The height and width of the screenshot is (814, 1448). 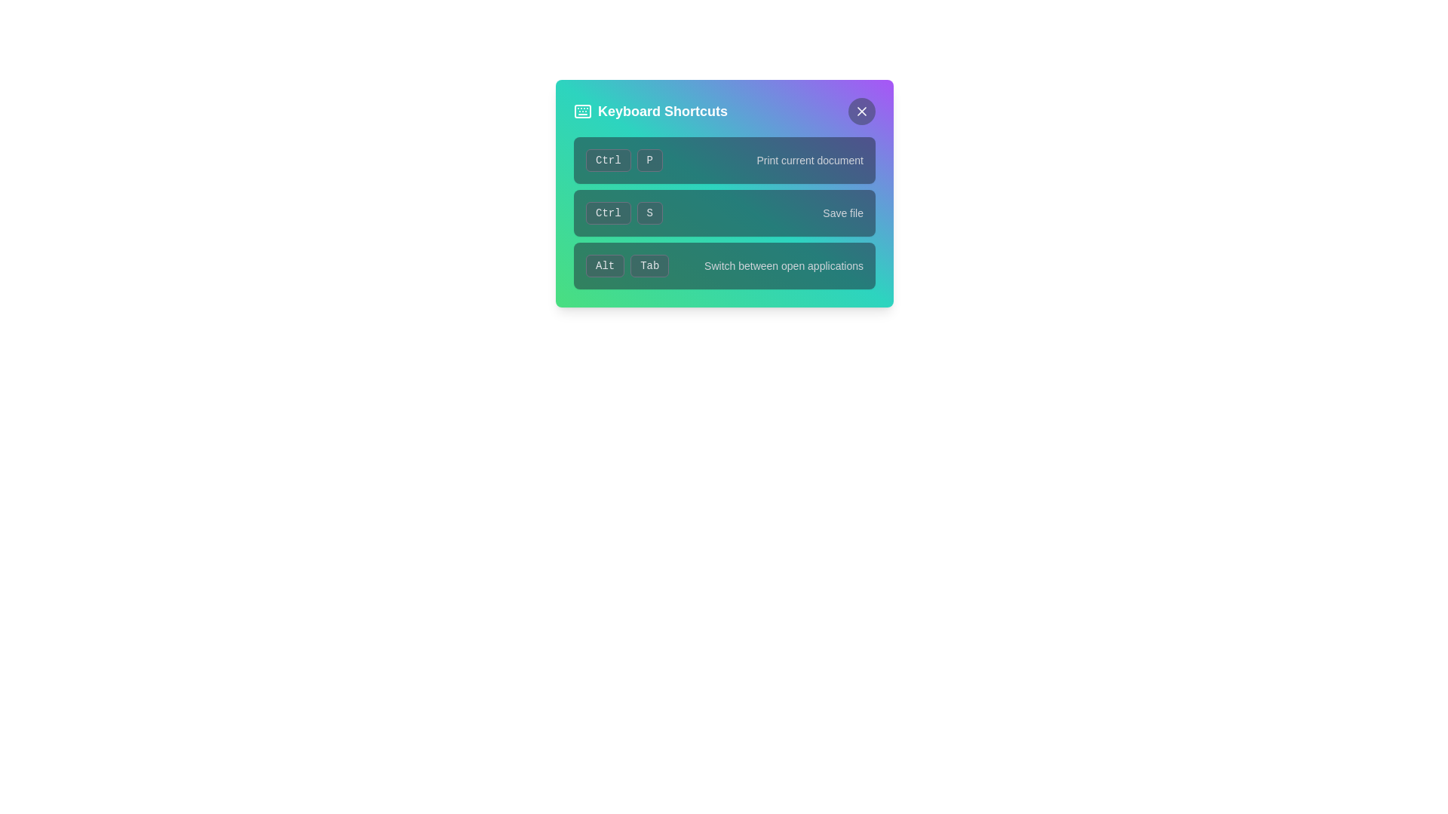 What do you see at coordinates (624, 213) in the screenshot?
I see `the keyboard shortcut label for 'Save file' which displays 'Ctrl S' in the second row of keyboard shortcuts` at bounding box center [624, 213].